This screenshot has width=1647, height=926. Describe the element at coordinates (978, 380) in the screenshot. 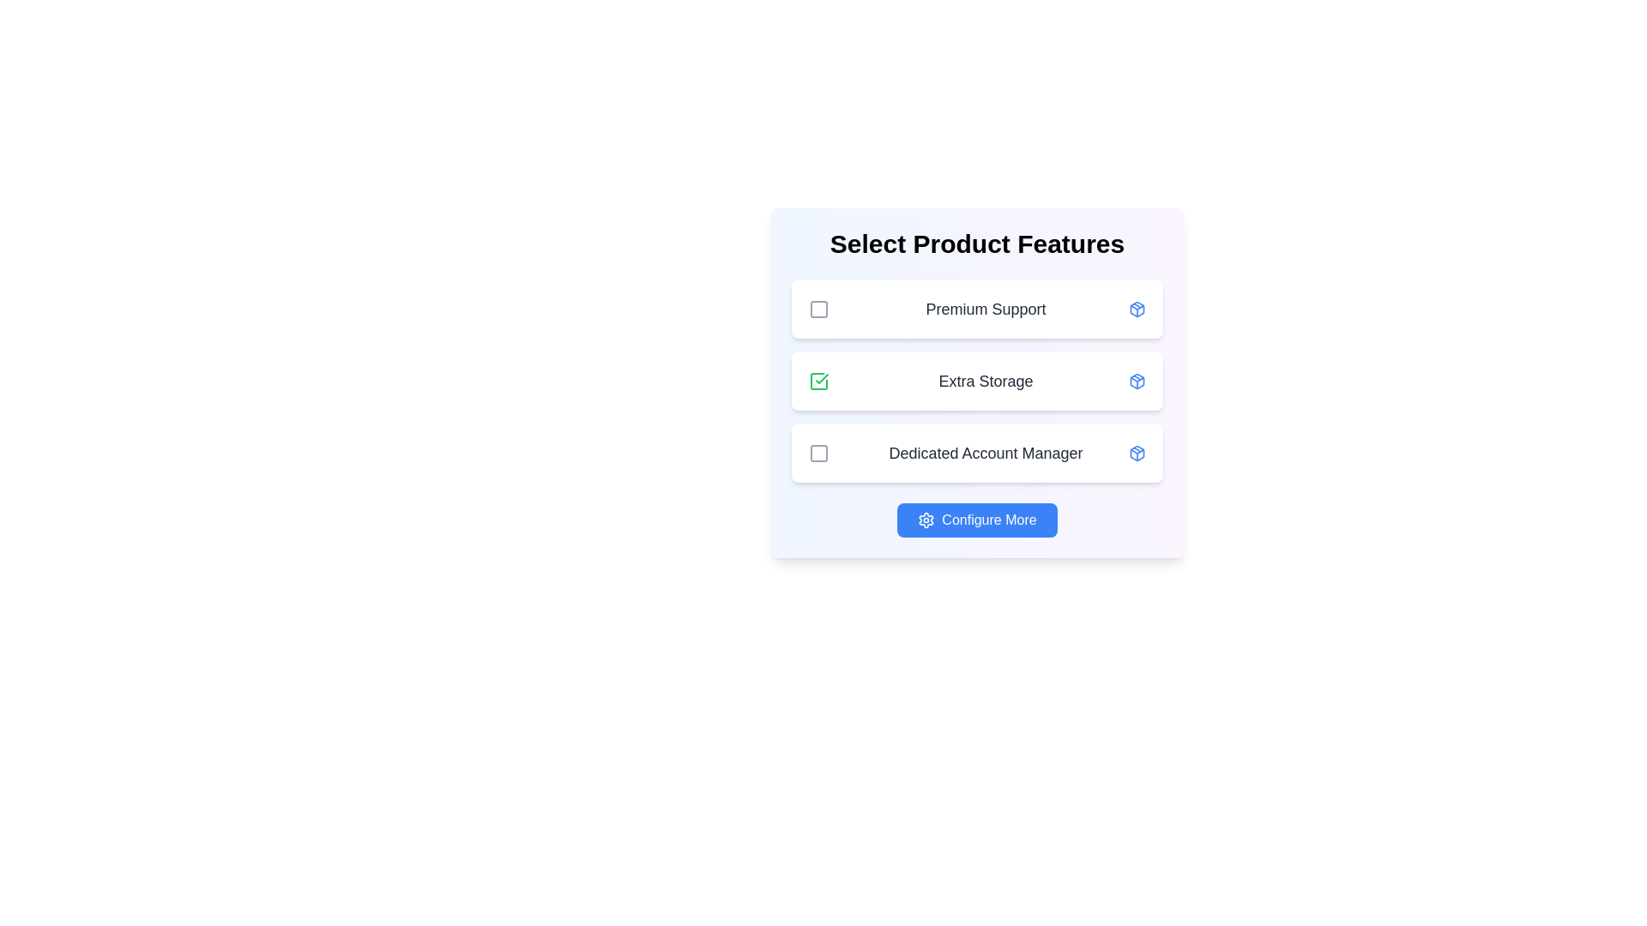

I see `the feature item Extra Storage to observe its hover effect` at that location.